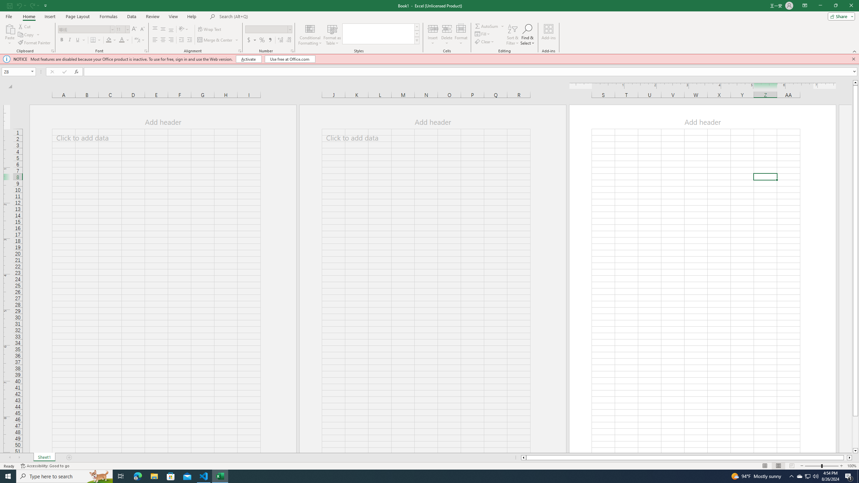 This screenshot has width=859, height=483. What do you see at coordinates (433, 28) in the screenshot?
I see `'Insert Cells'` at bounding box center [433, 28].